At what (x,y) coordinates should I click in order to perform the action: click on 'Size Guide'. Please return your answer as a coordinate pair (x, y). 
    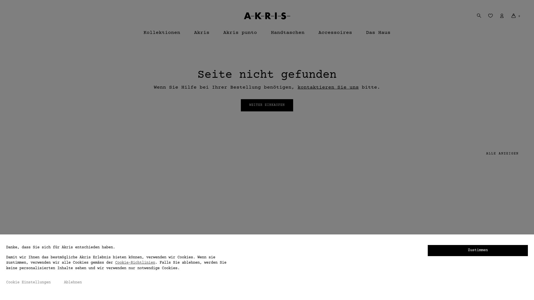
    Looking at the image, I should click on (25, 264).